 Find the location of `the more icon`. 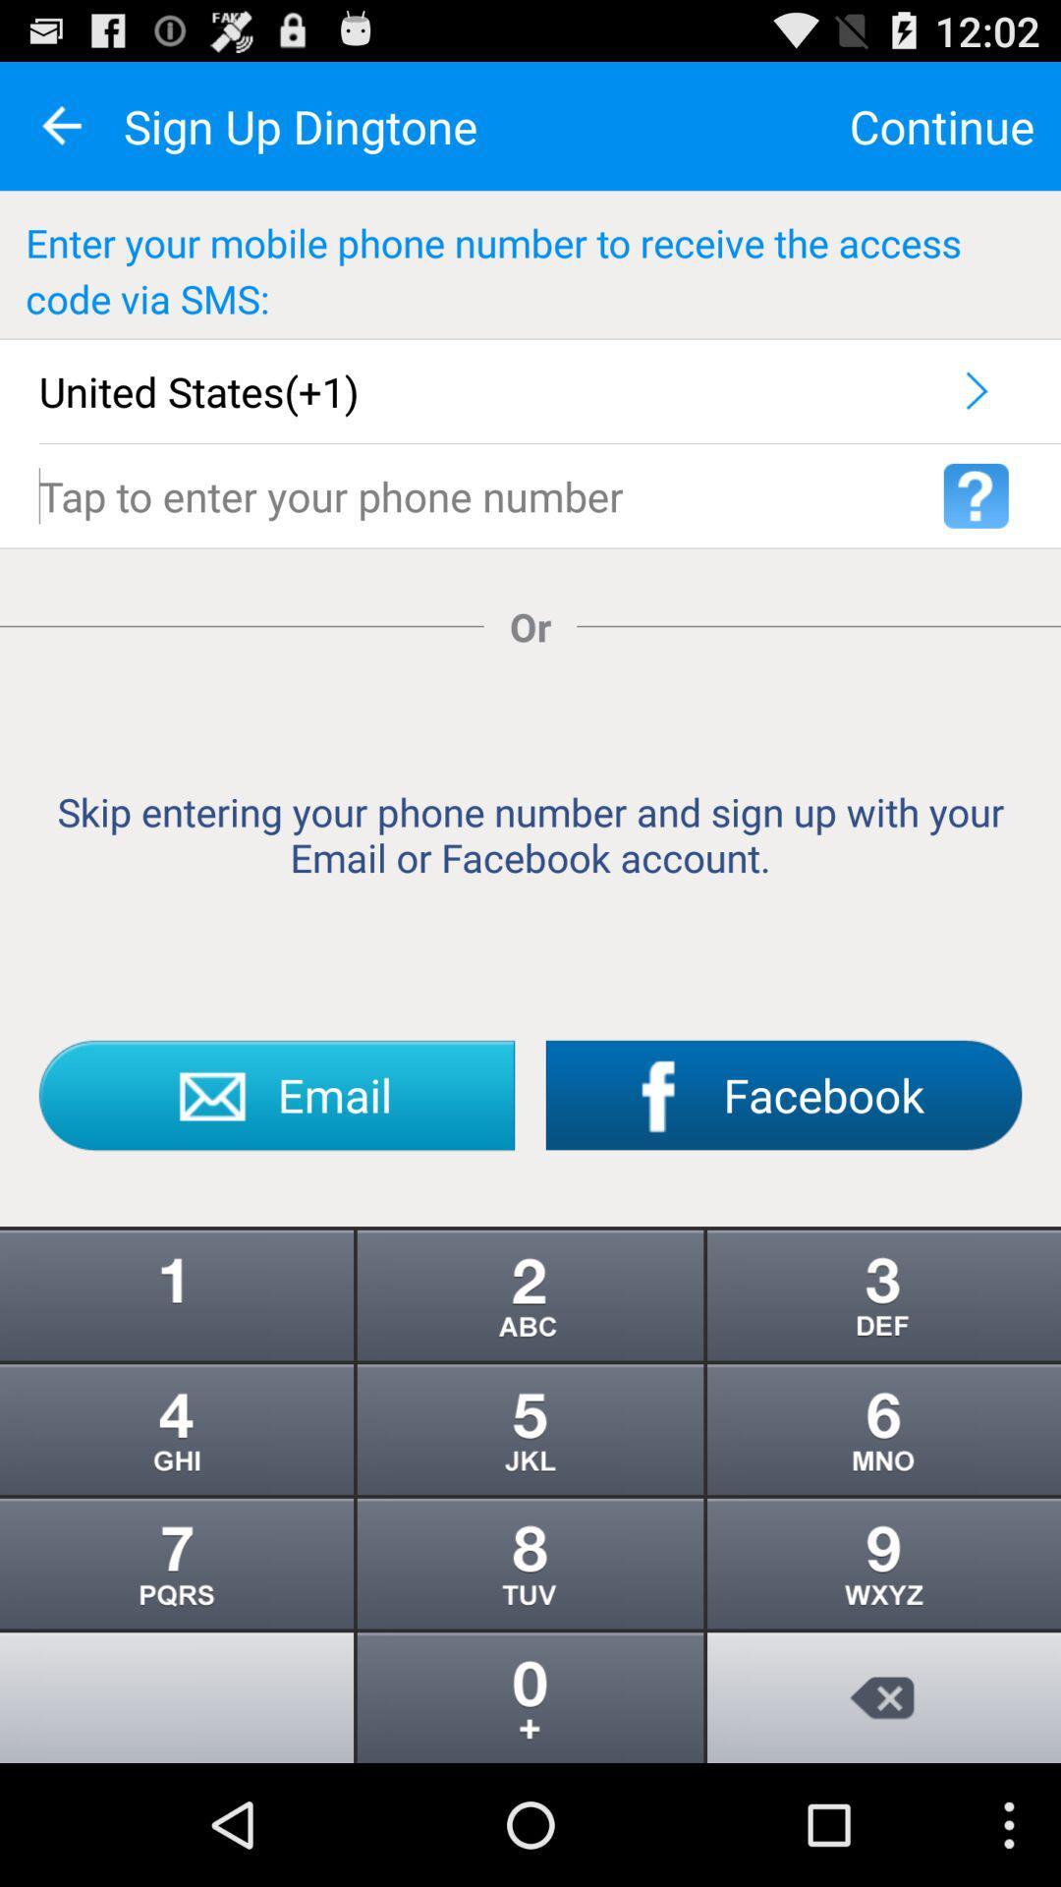

the more icon is located at coordinates (530, 1672).